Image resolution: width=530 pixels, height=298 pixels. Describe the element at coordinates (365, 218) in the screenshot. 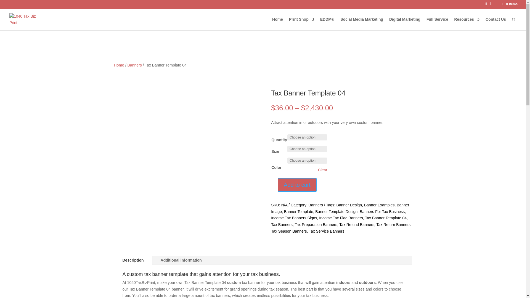

I see `'Tax Banner Template 04'` at that location.